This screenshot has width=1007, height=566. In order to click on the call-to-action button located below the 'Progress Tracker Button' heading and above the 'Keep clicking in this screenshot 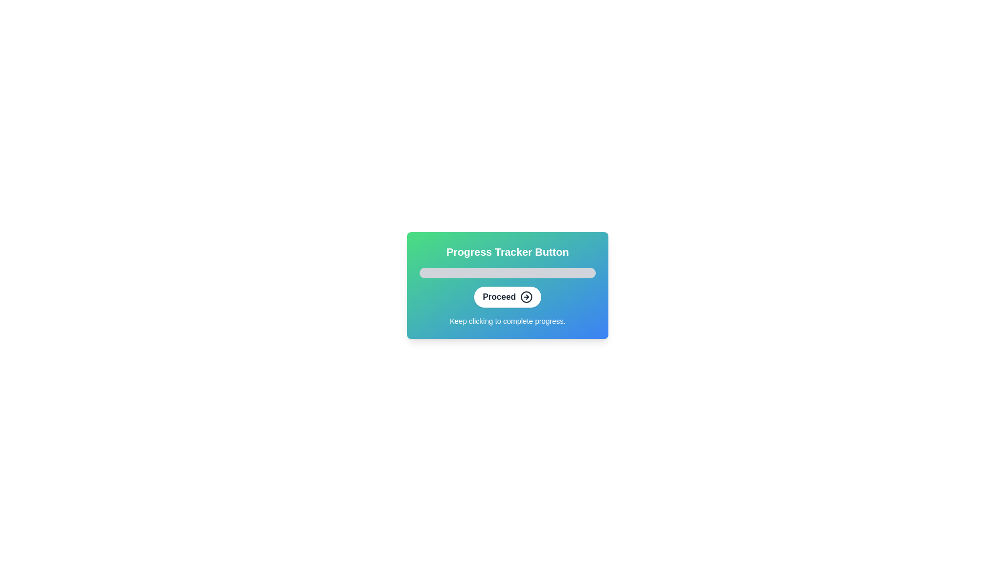, I will do `click(508, 297)`.